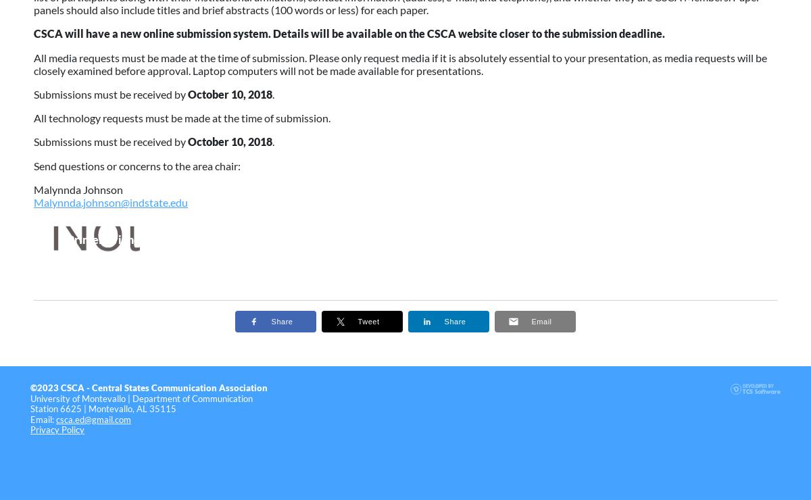  Describe the element at coordinates (34, 118) in the screenshot. I see `'All technology requests must be made at the time of submission.'` at that location.